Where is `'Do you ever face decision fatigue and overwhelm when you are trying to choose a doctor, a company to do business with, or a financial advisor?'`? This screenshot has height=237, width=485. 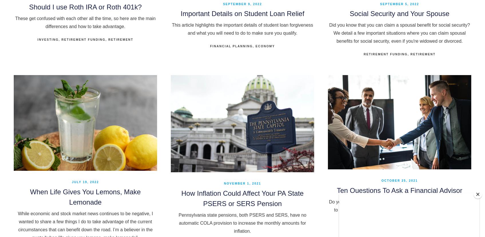
'Do you ever face decision fatigue and overwhelm when you are trying to choose a doctor, a company to do business with, or a financial advisor?' is located at coordinates (328, 209).